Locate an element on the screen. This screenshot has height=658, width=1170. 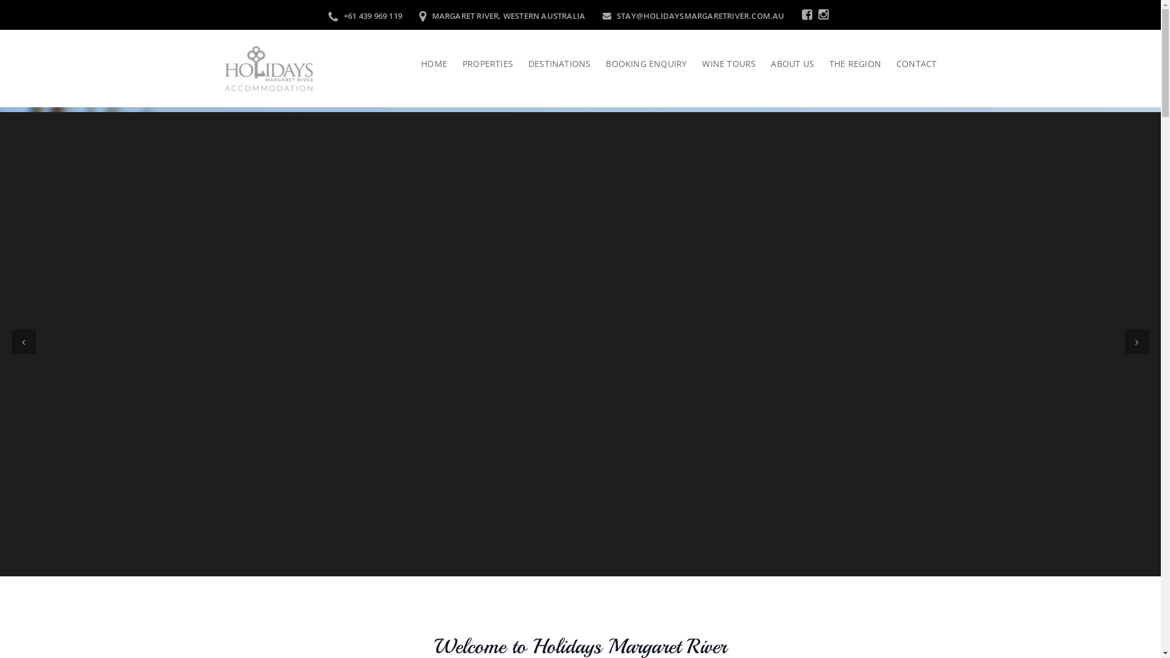
'STAY@HOLIDAYSMARGARETRIVER.COM.AU' is located at coordinates (693, 15).